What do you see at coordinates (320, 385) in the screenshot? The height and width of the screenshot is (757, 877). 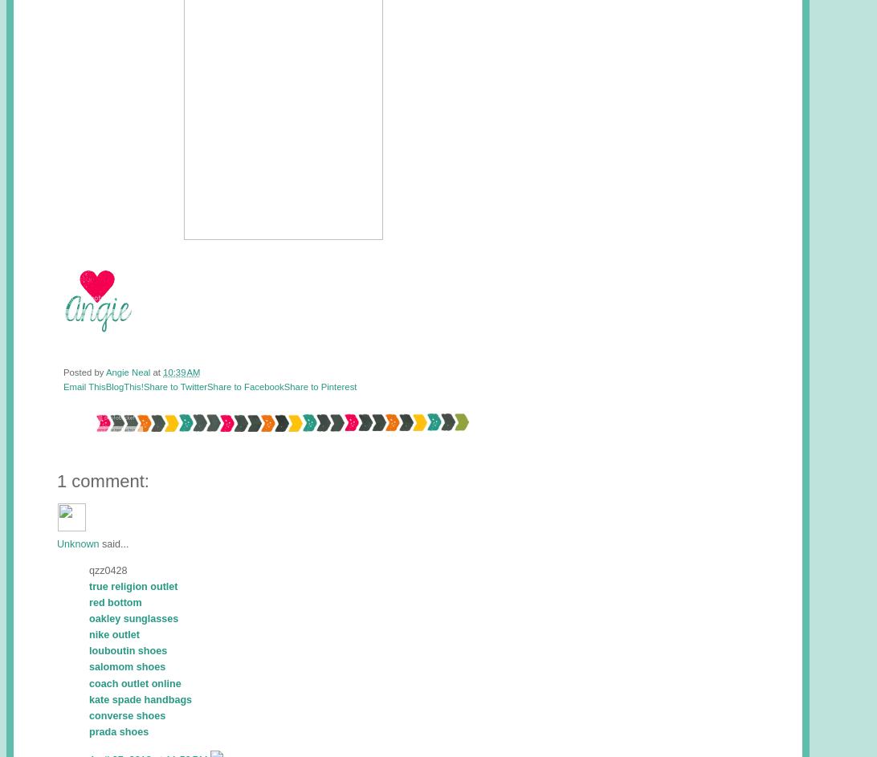 I see `'Share to Pinterest'` at bounding box center [320, 385].